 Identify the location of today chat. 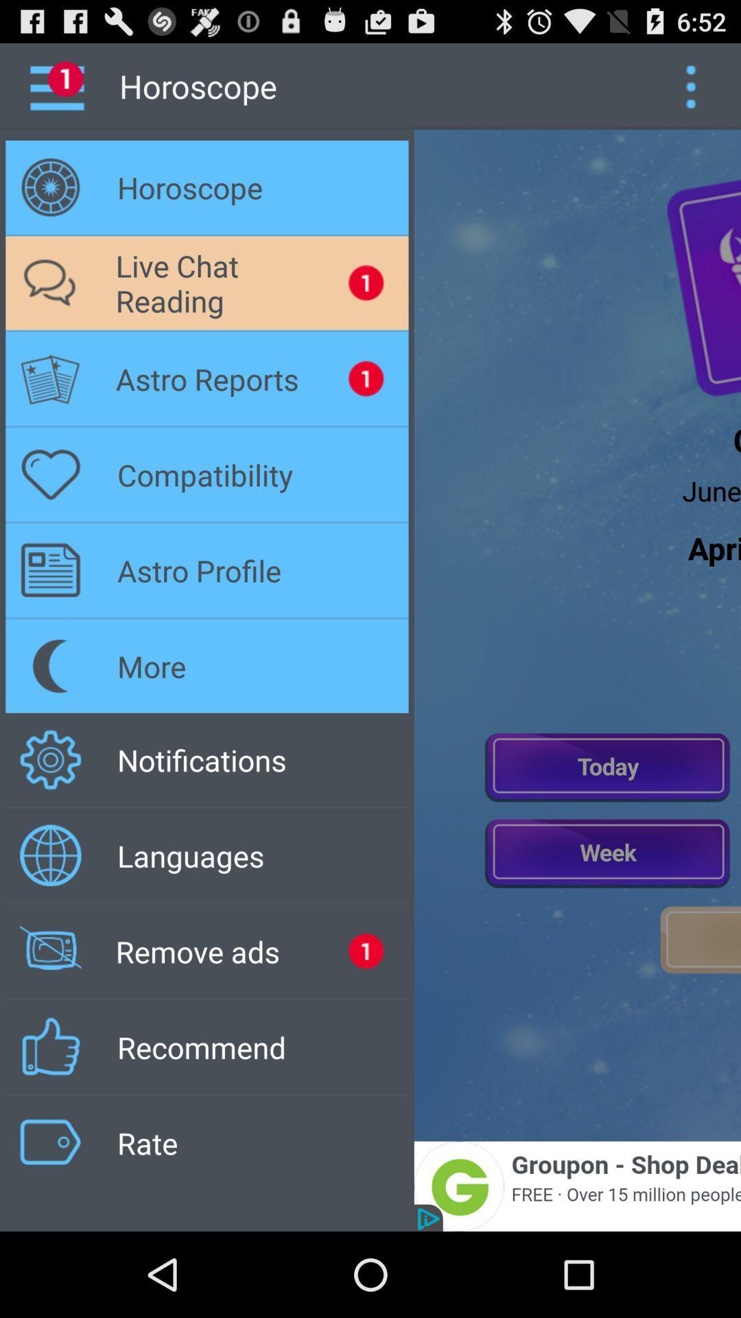
(607, 765).